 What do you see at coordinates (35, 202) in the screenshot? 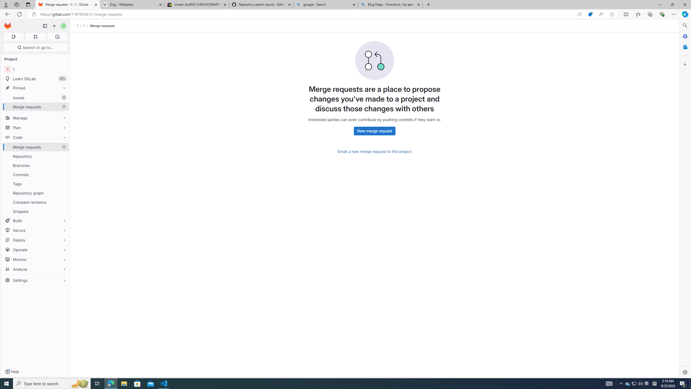
I see `'Compare revisions'` at bounding box center [35, 202].